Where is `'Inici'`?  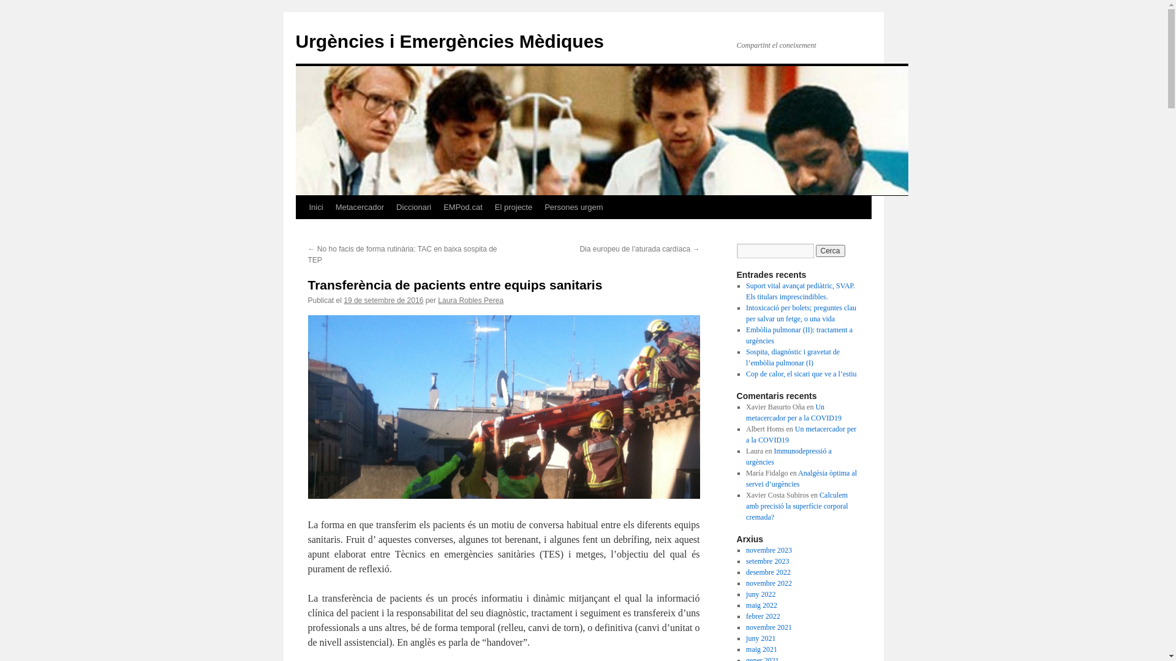 'Inici' is located at coordinates (315, 207).